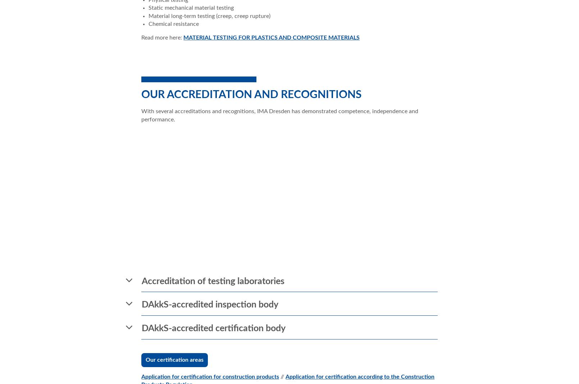  What do you see at coordinates (282, 376) in the screenshot?
I see `'//'` at bounding box center [282, 376].